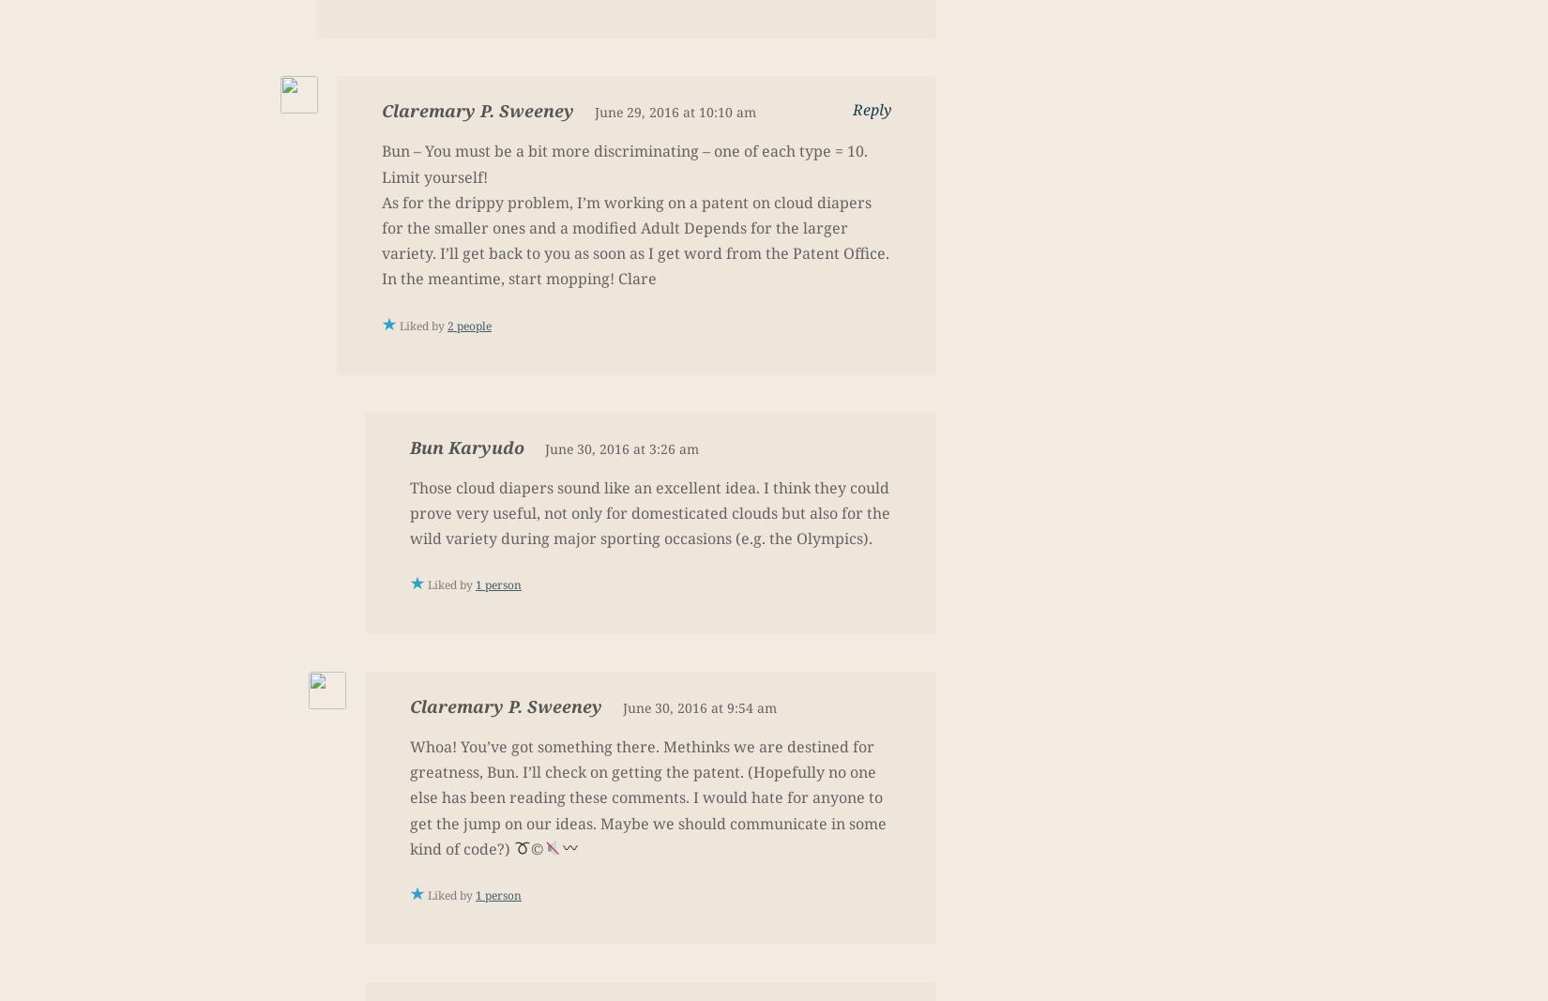  I want to click on 'June 30, 2016 at 9:54 am', so click(698, 706).